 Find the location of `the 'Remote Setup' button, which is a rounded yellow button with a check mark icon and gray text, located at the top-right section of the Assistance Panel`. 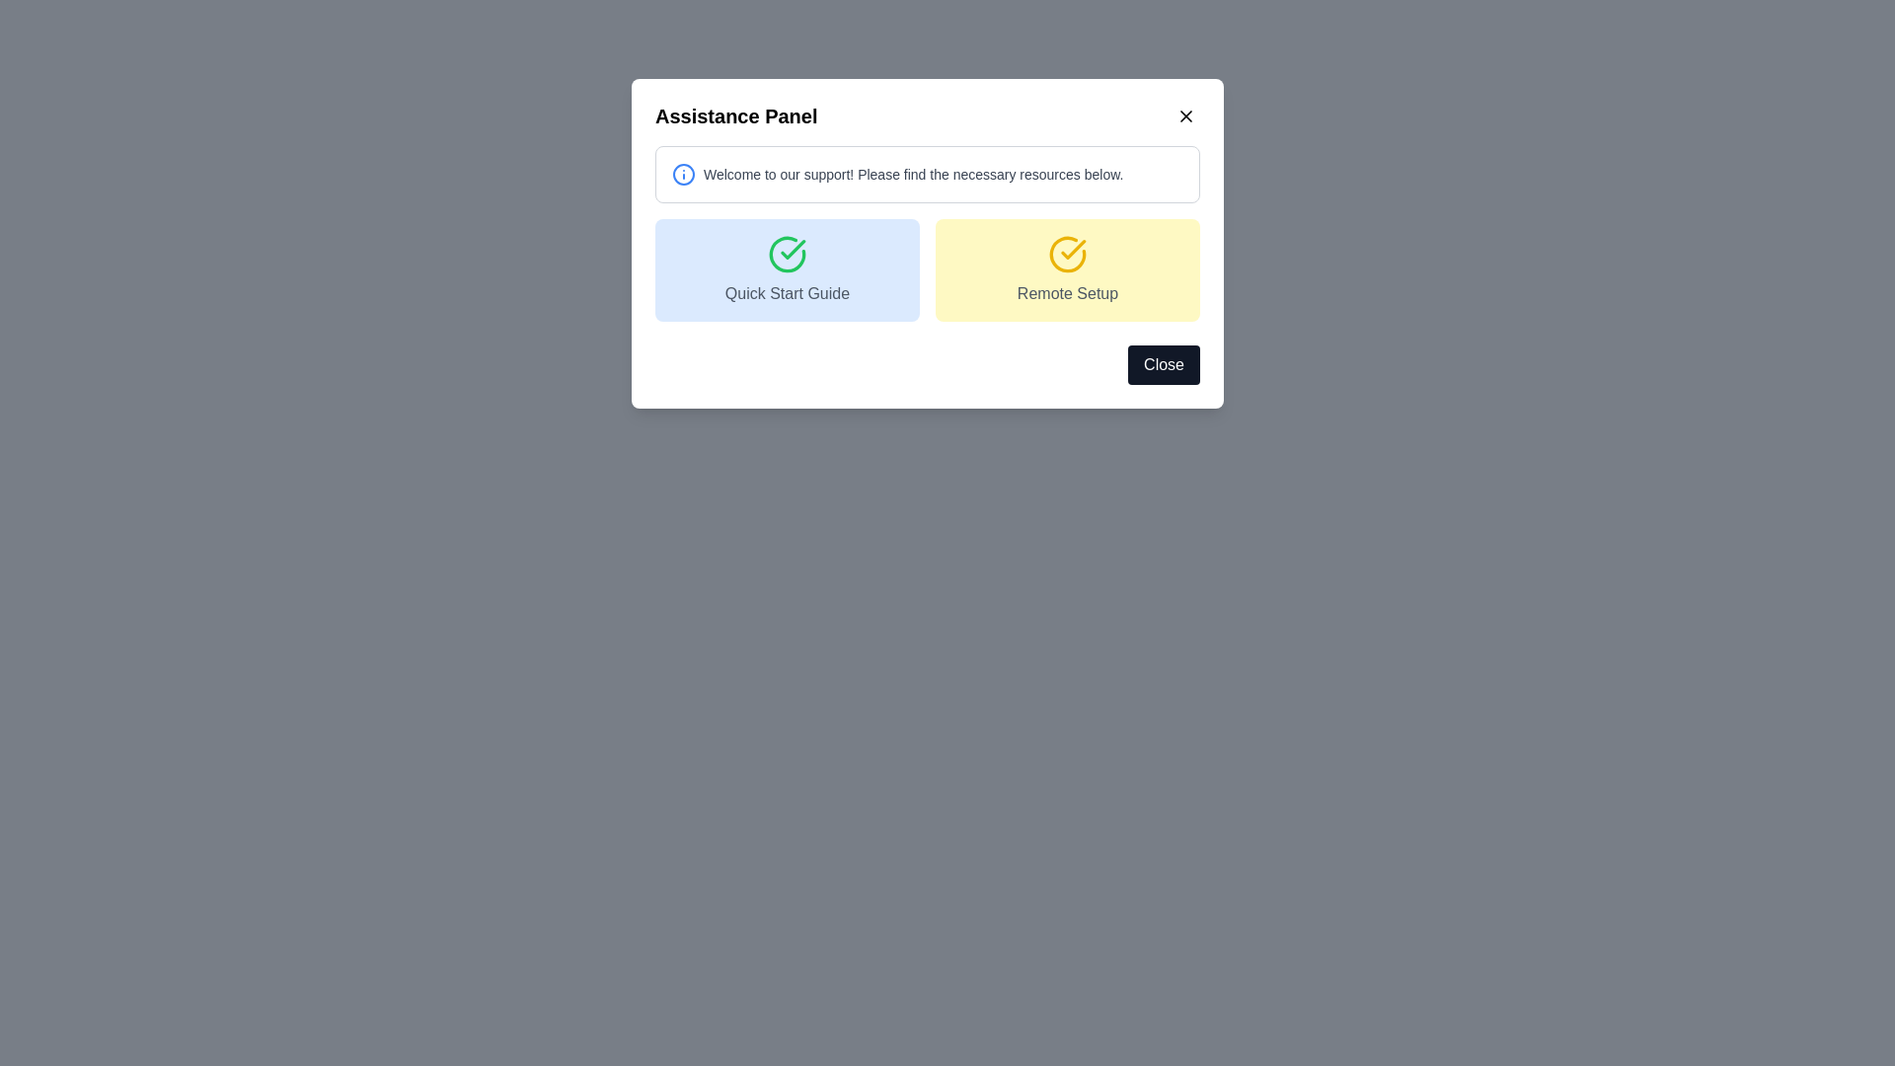

the 'Remote Setup' button, which is a rounded yellow button with a check mark icon and gray text, located at the top-right section of the Assistance Panel is located at coordinates (1066, 269).